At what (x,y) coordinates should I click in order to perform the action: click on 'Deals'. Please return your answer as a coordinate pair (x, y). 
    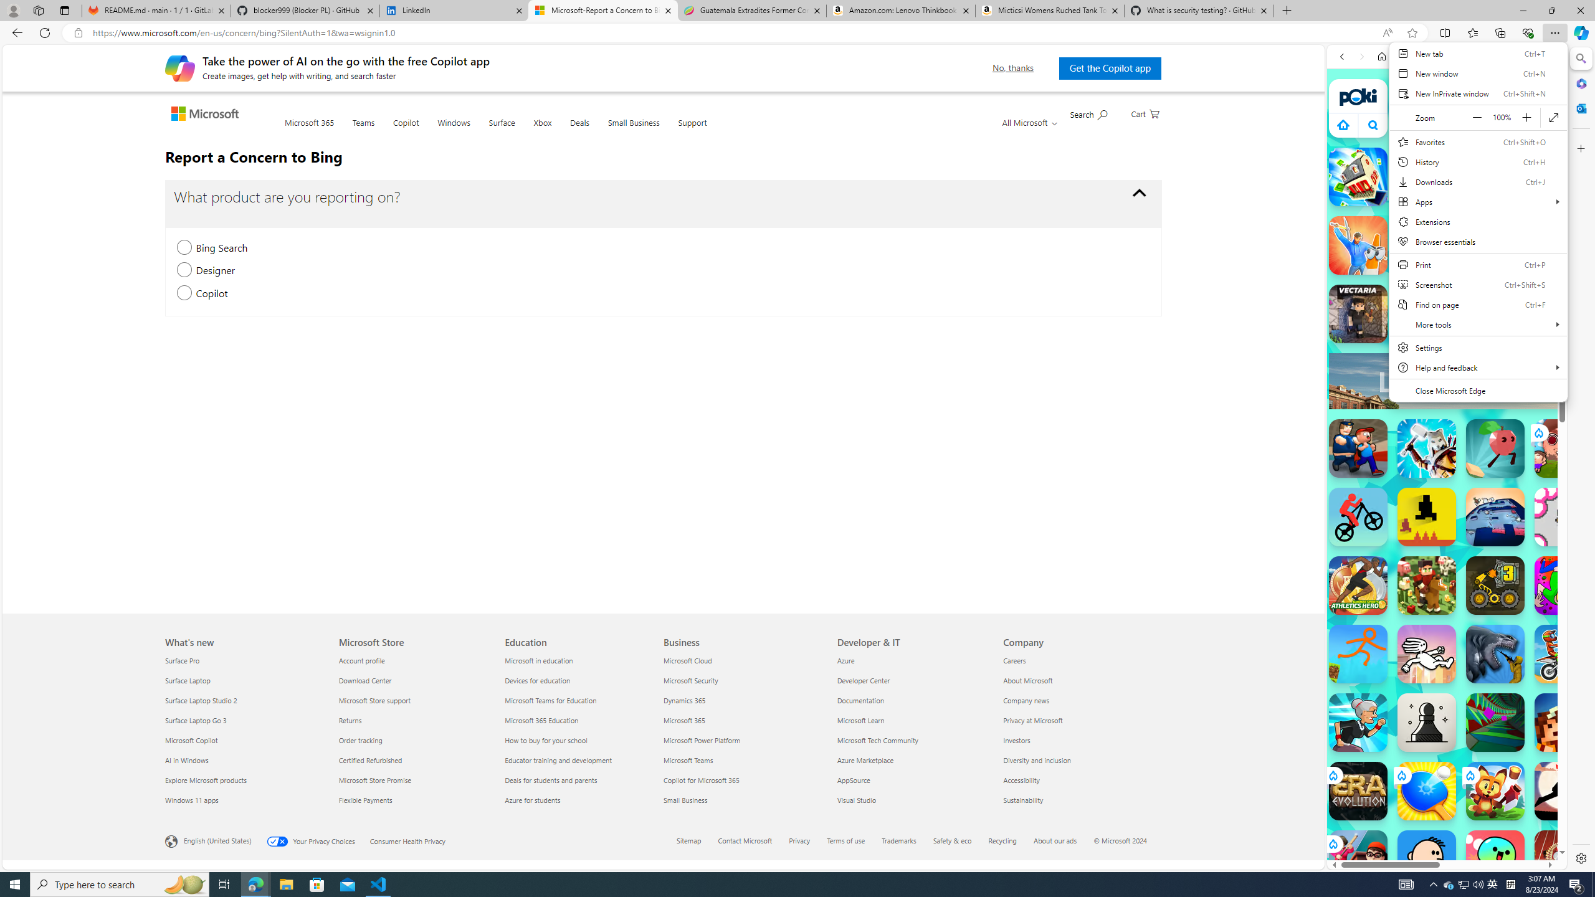
    Looking at the image, I should click on (579, 130).